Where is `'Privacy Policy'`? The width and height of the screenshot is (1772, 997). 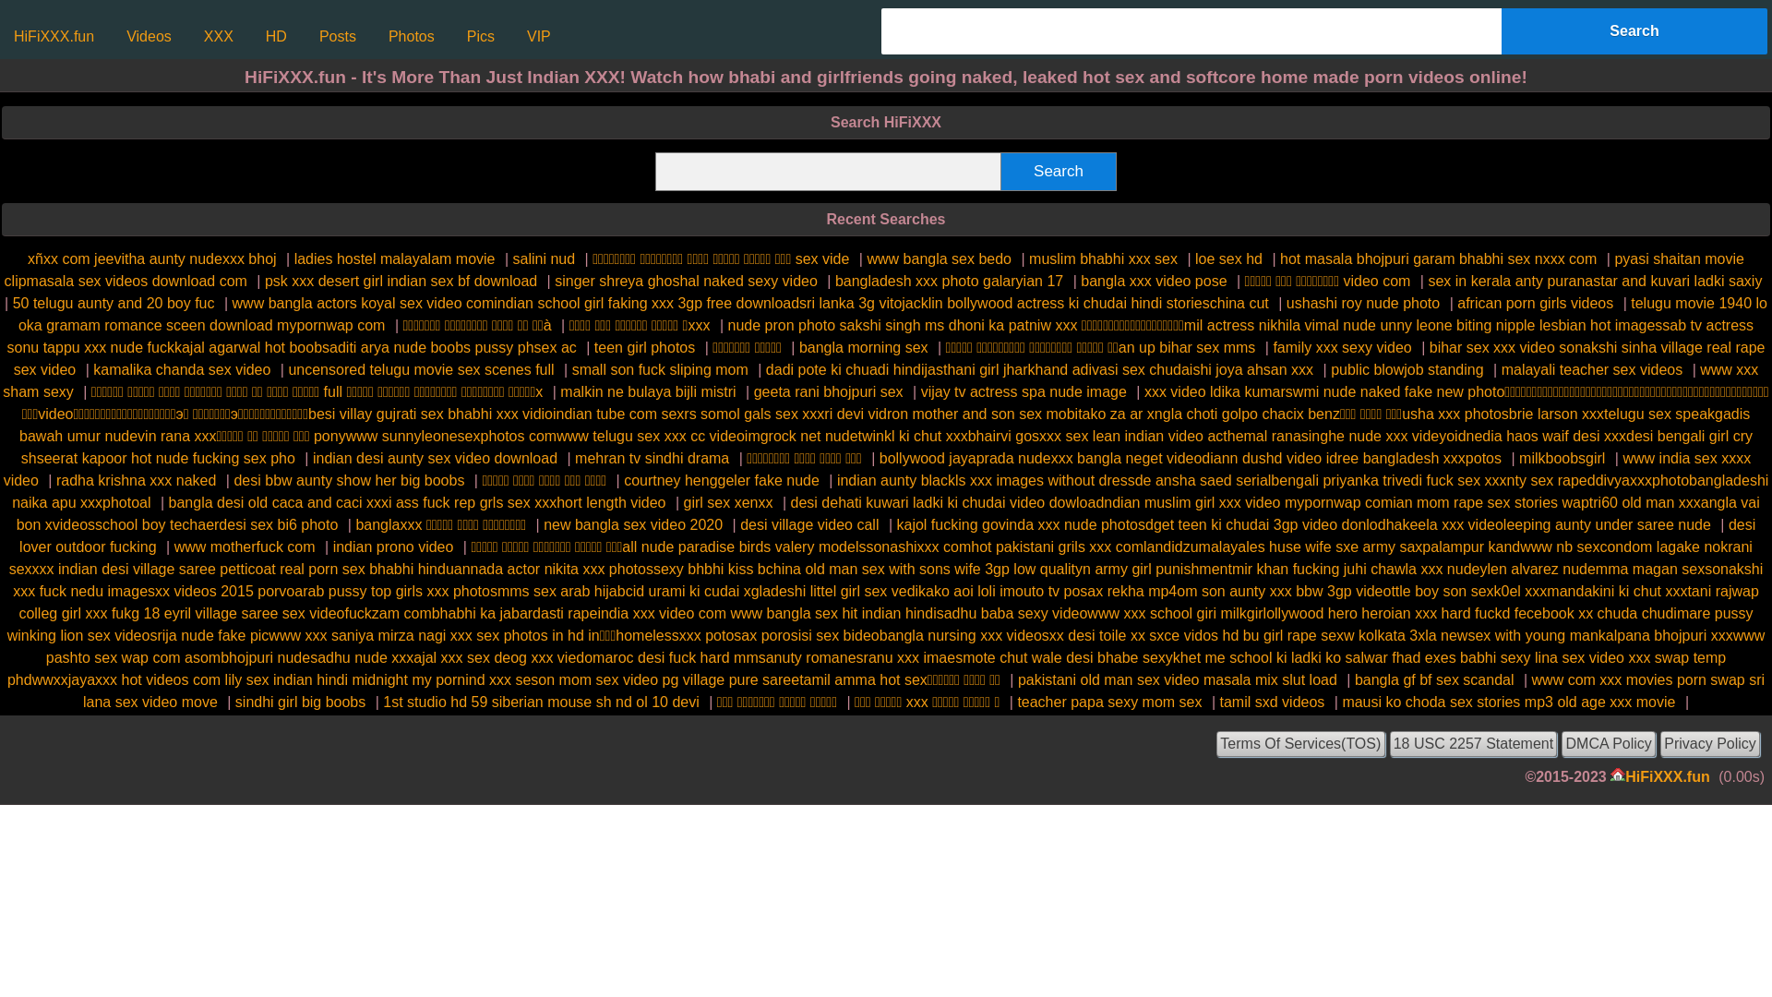 'Privacy Policy' is located at coordinates (1708, 743).